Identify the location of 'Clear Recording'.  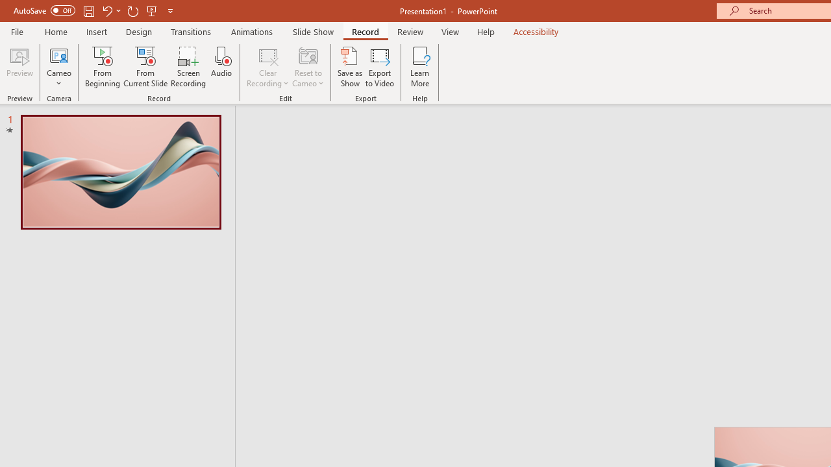
(267, 67).